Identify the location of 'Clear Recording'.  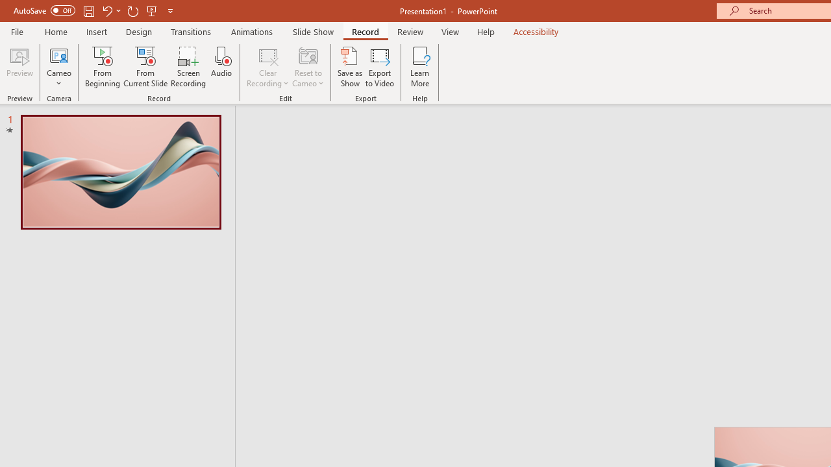
(267, 67).